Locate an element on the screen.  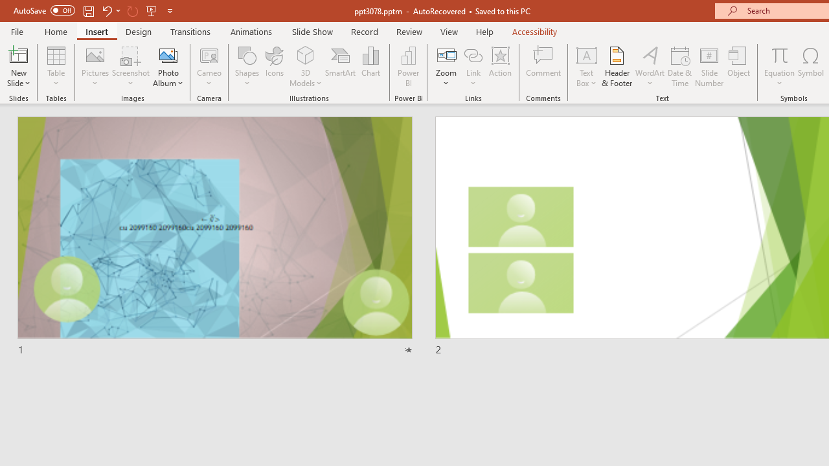
'Action' is located at coordinates (500, 67).